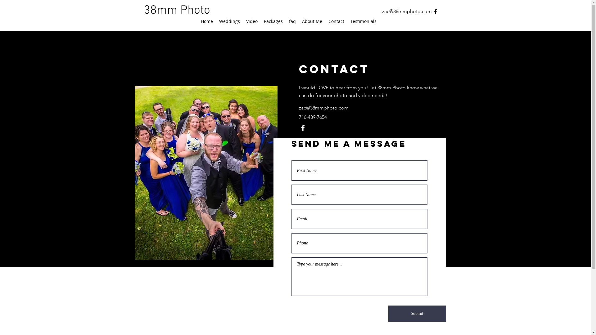  I want to click on 'Submit', so click(417, 313).